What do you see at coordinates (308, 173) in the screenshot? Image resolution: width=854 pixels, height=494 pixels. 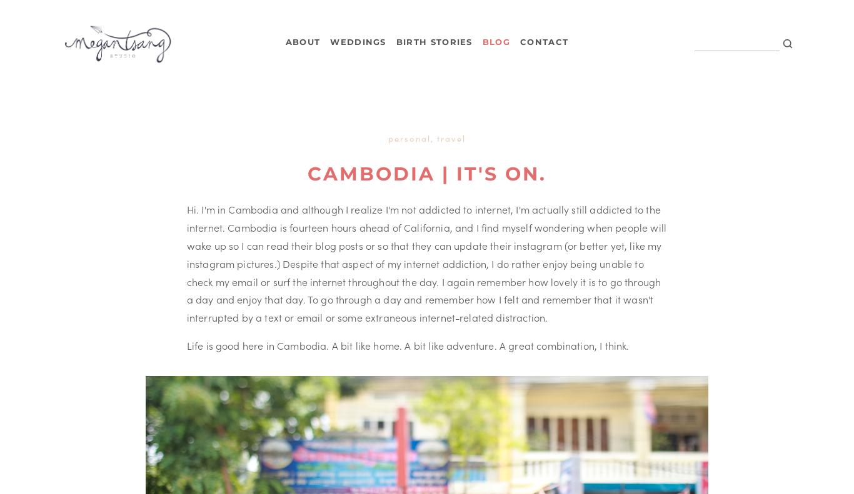 I see `'cambodia | it's on.'` at bounding box center [308, 173].